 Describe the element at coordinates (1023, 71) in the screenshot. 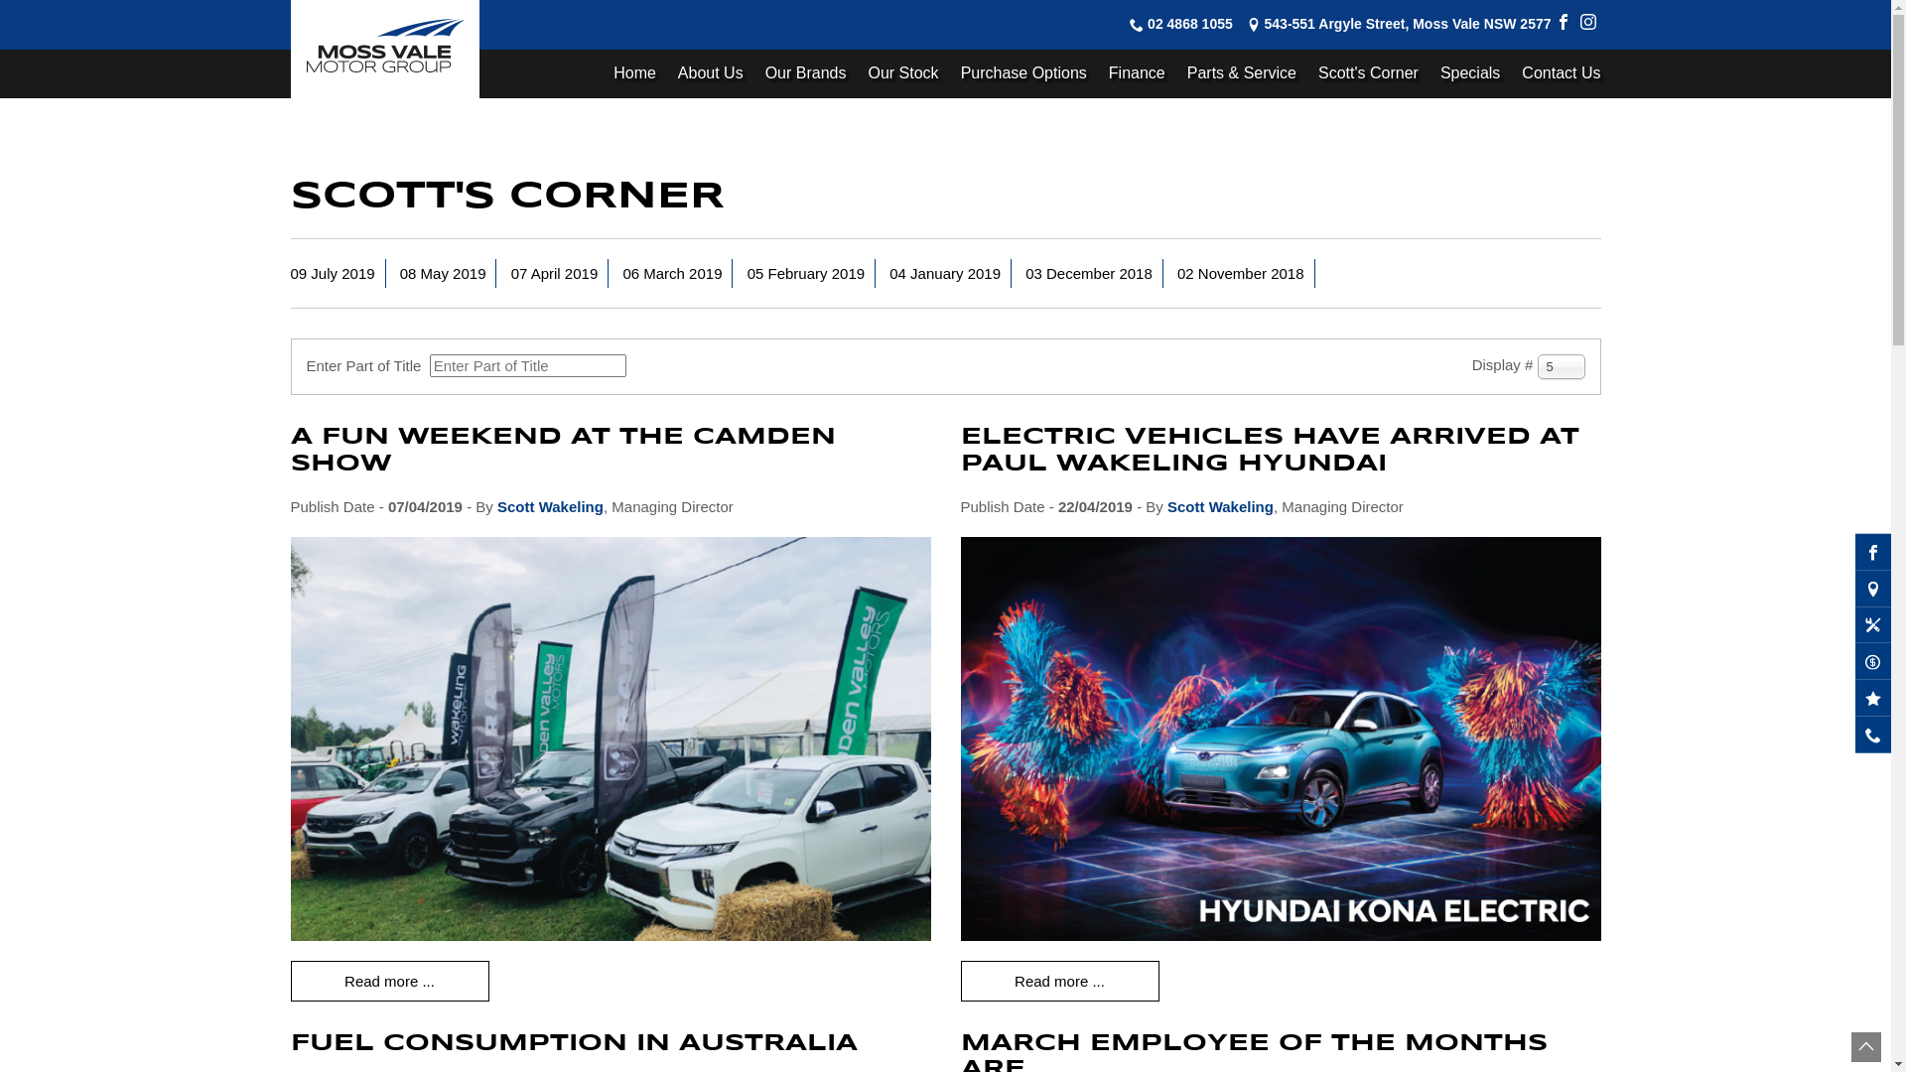

I see `'Purchase Options'` at that location.